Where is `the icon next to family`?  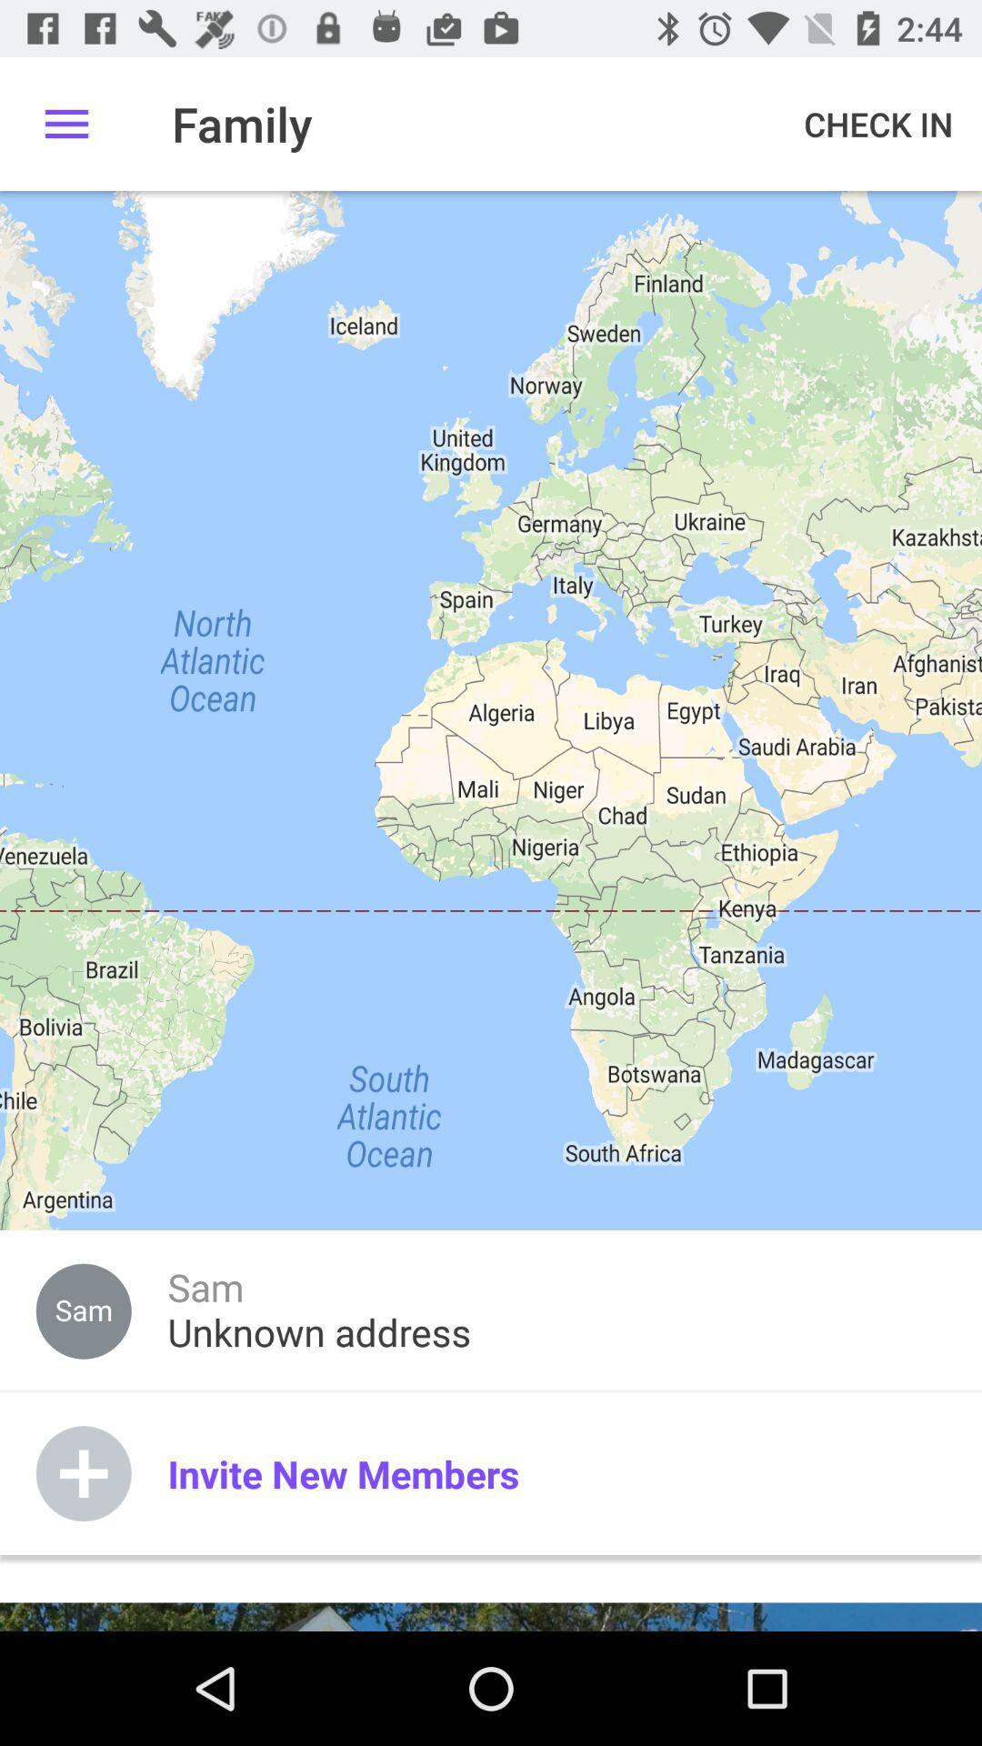
the icon next to family is located at coordinates (877, 123).